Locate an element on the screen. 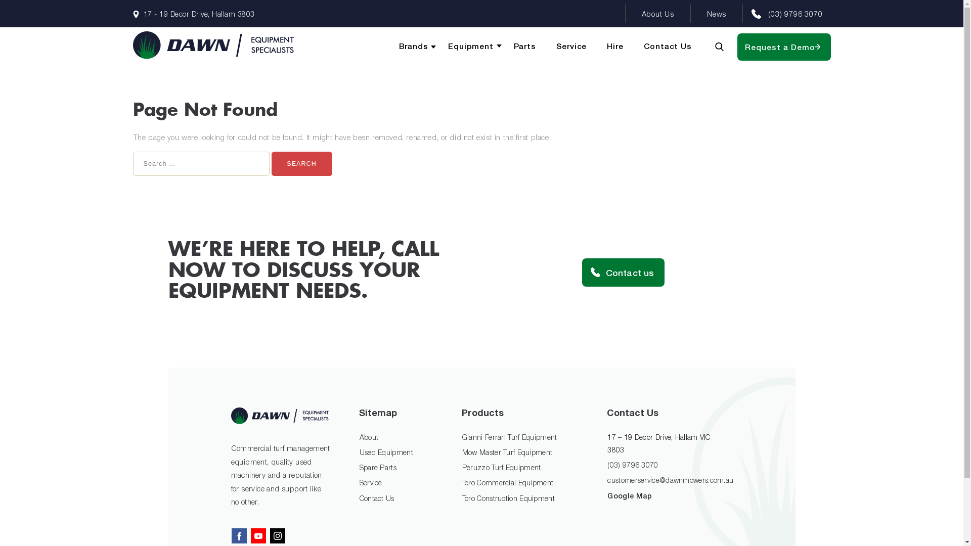 This screenshot has width=971, height=546. 'Search' is located at coordinates (300, 163).